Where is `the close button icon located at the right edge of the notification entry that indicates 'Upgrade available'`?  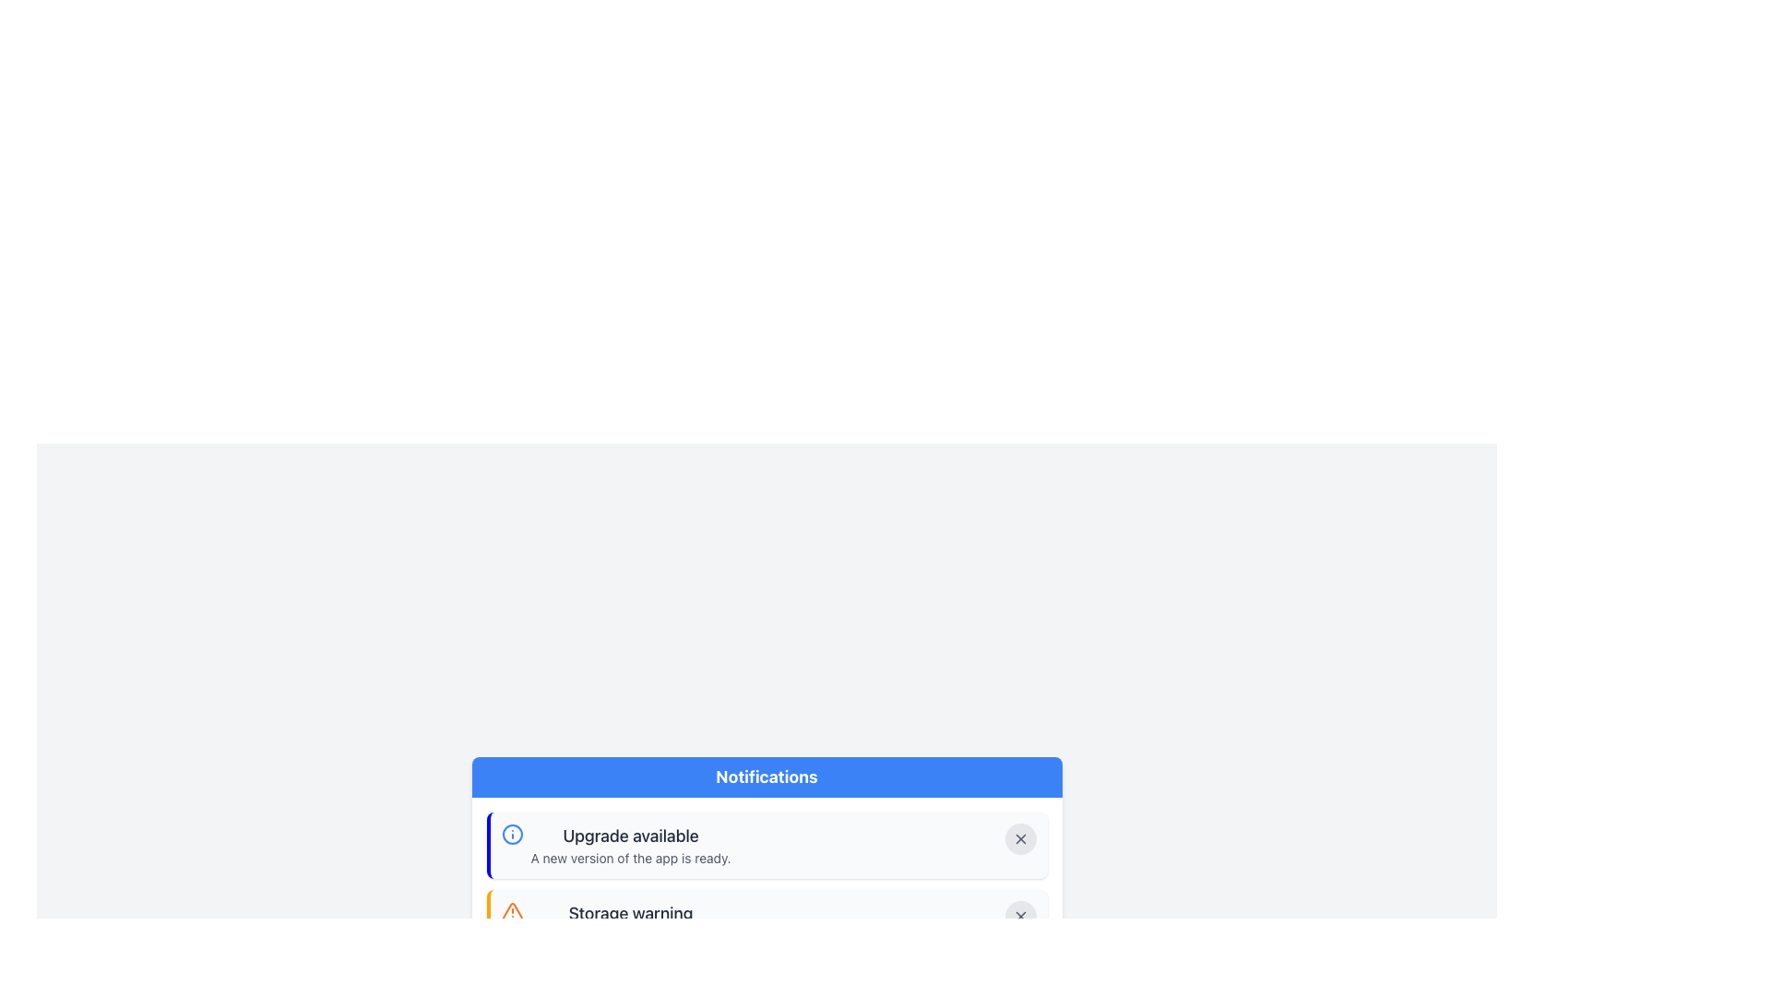 the close button icon located at the right edge of the notification entry that indicates 'Upgrade available' is located at coordinates (1019, 839).